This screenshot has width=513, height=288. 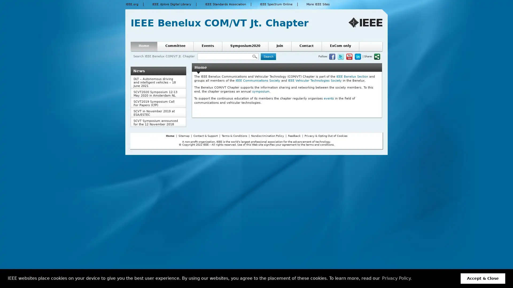 What do you see at coordinates (397, 278) in the screenshot?
I see `learn more about cookies` at bounding box center [397, 278].